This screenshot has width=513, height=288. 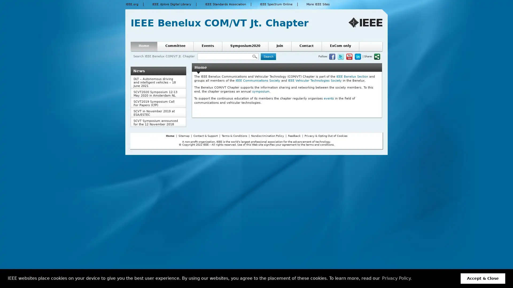 What do you see at coordinates (397, 278) in the screenshot?
I see `learn more about cookies` at bounding box center [397, 278].